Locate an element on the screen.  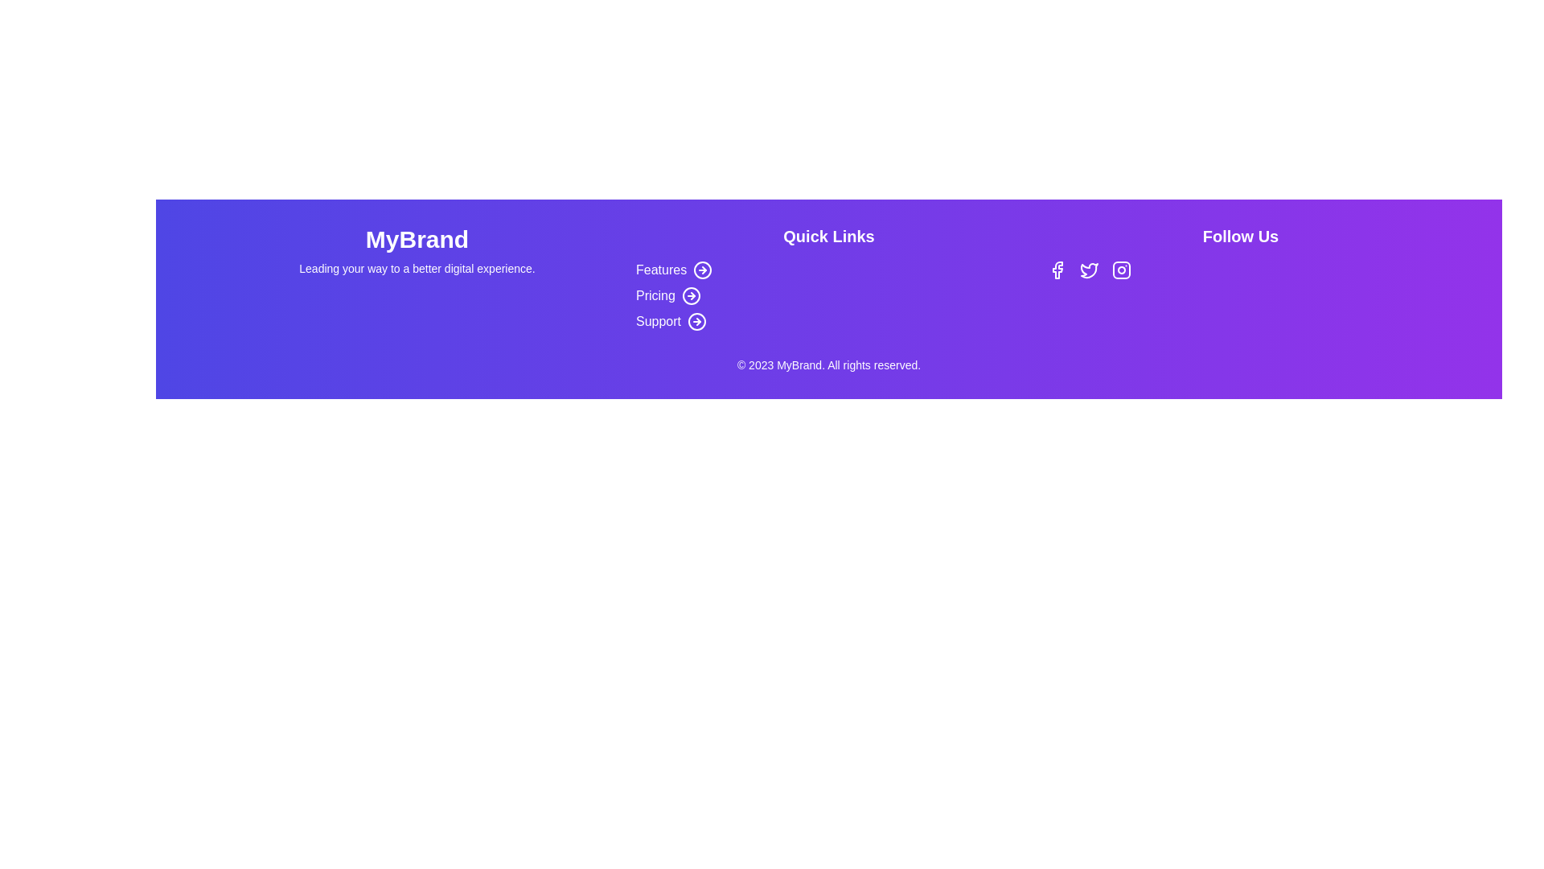
the Facebook icon link, which has a purple background and is the first in a group of three social media icons in the 'Follow Us' section is located at coordinates (1057, 269).